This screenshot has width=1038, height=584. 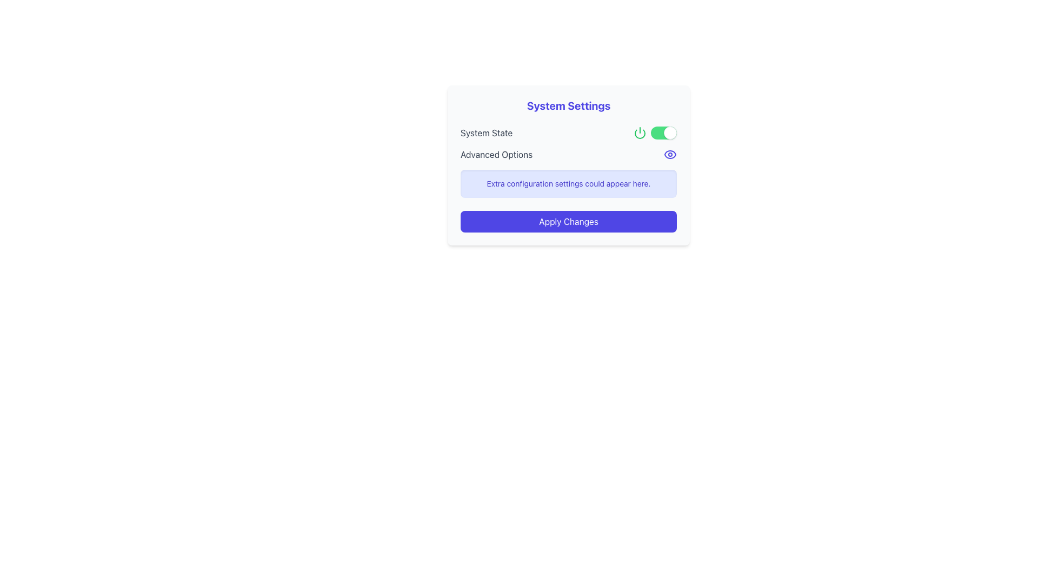 What do you see at coordinates (568, 154) in the screenshot?
I see `the button or link that indicates and toggles advanced configuration options, located below 'System State' and above the extra configuration settings description` at bounding box center [568, 154].